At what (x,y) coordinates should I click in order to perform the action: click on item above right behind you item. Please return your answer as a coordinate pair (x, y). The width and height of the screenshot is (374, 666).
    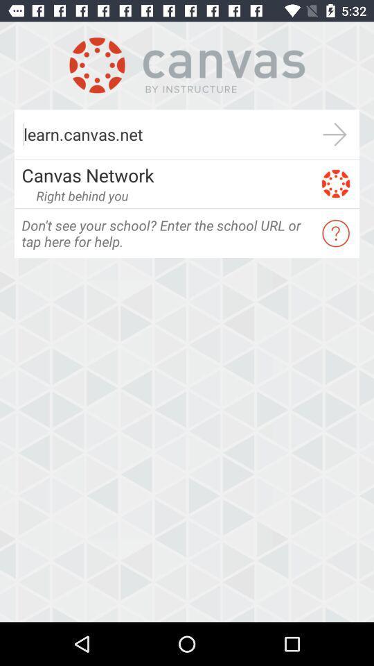
    Looking at the image, I should click on (167, 174).